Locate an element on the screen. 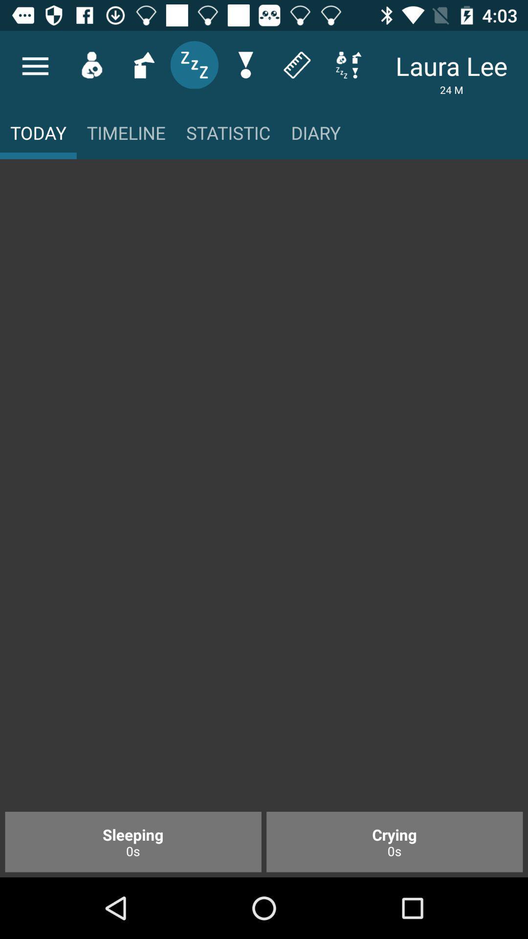 The image size is (528, 939). item next to the crying is located at coordinates (133, 841).